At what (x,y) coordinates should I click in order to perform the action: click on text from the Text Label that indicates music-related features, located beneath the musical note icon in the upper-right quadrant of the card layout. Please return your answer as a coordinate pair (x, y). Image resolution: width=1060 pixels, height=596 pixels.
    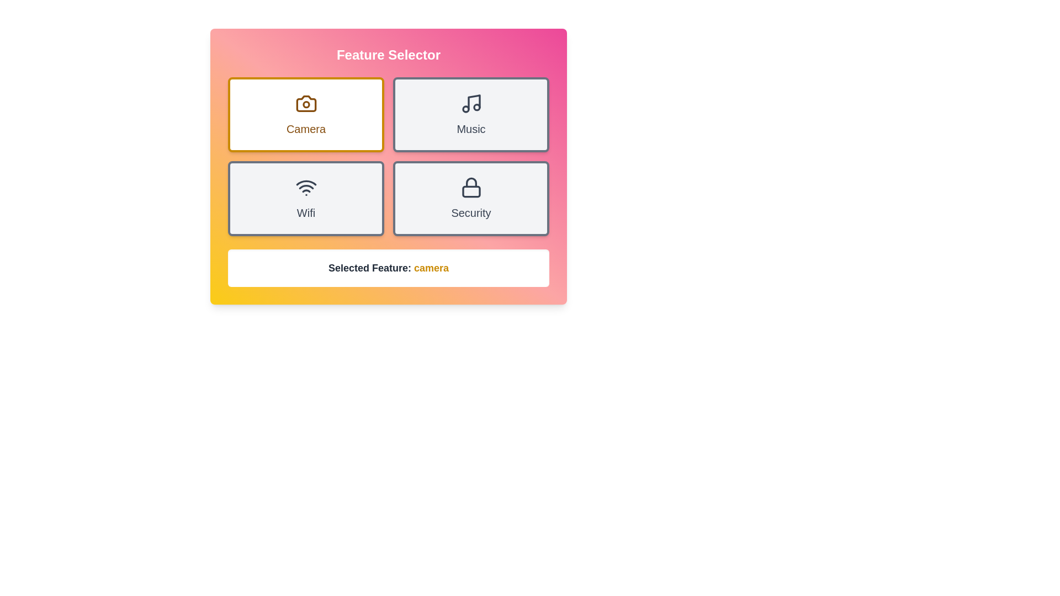
    Looking at the image, I should click on (471, 129).